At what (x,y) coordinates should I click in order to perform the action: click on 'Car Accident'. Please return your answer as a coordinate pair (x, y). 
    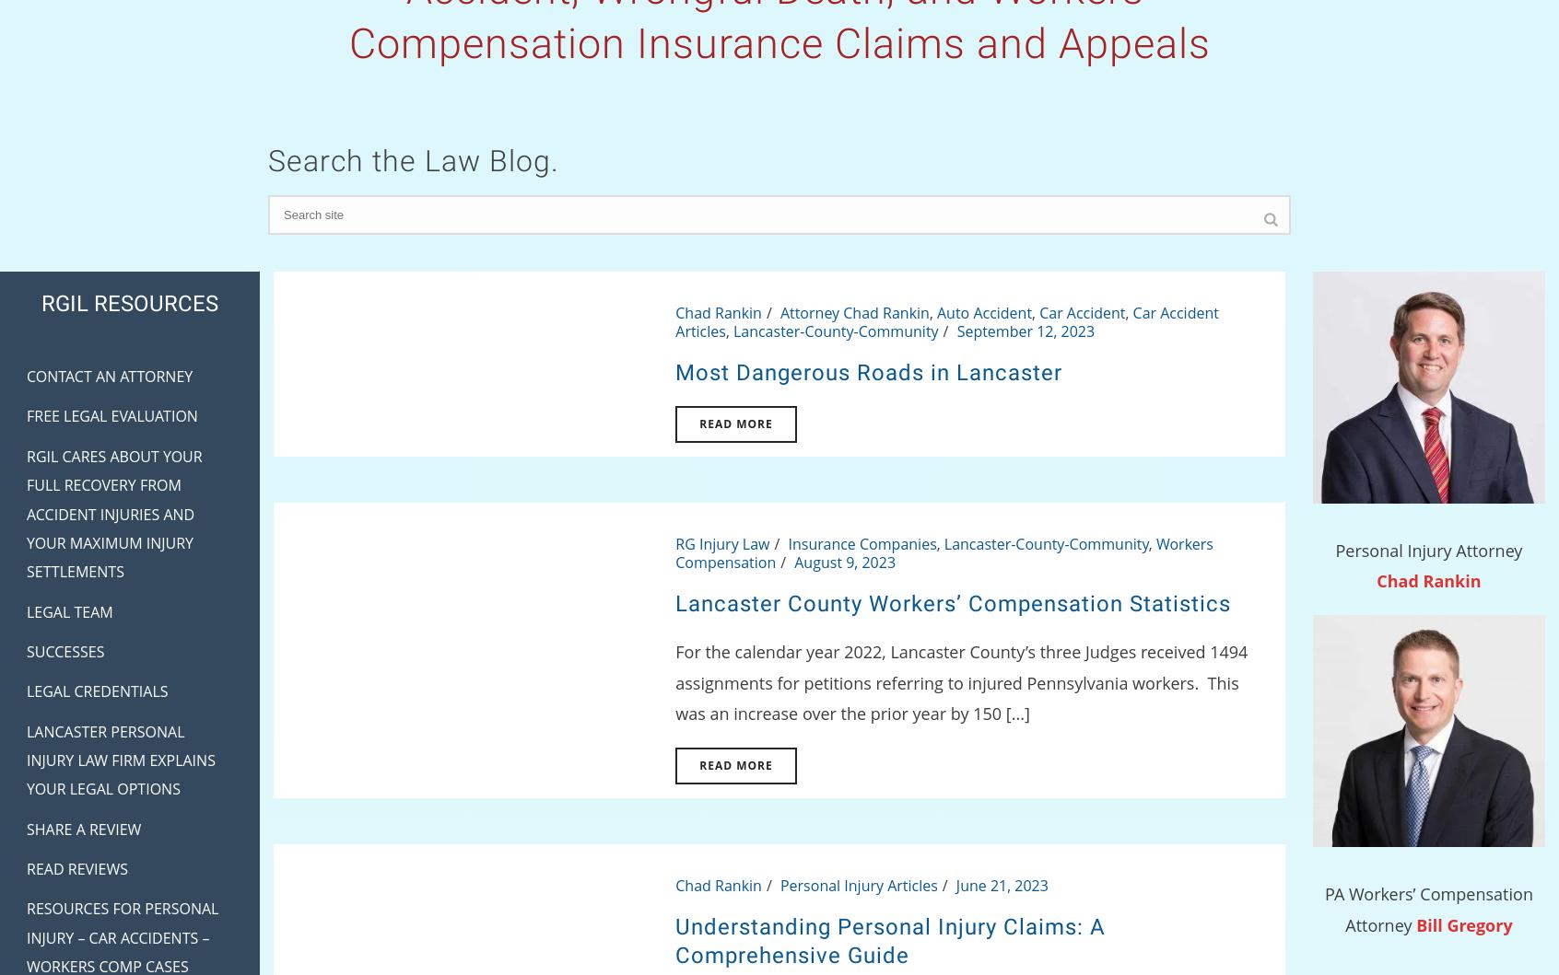
    Looking at the image, I should click on (1039, 310).